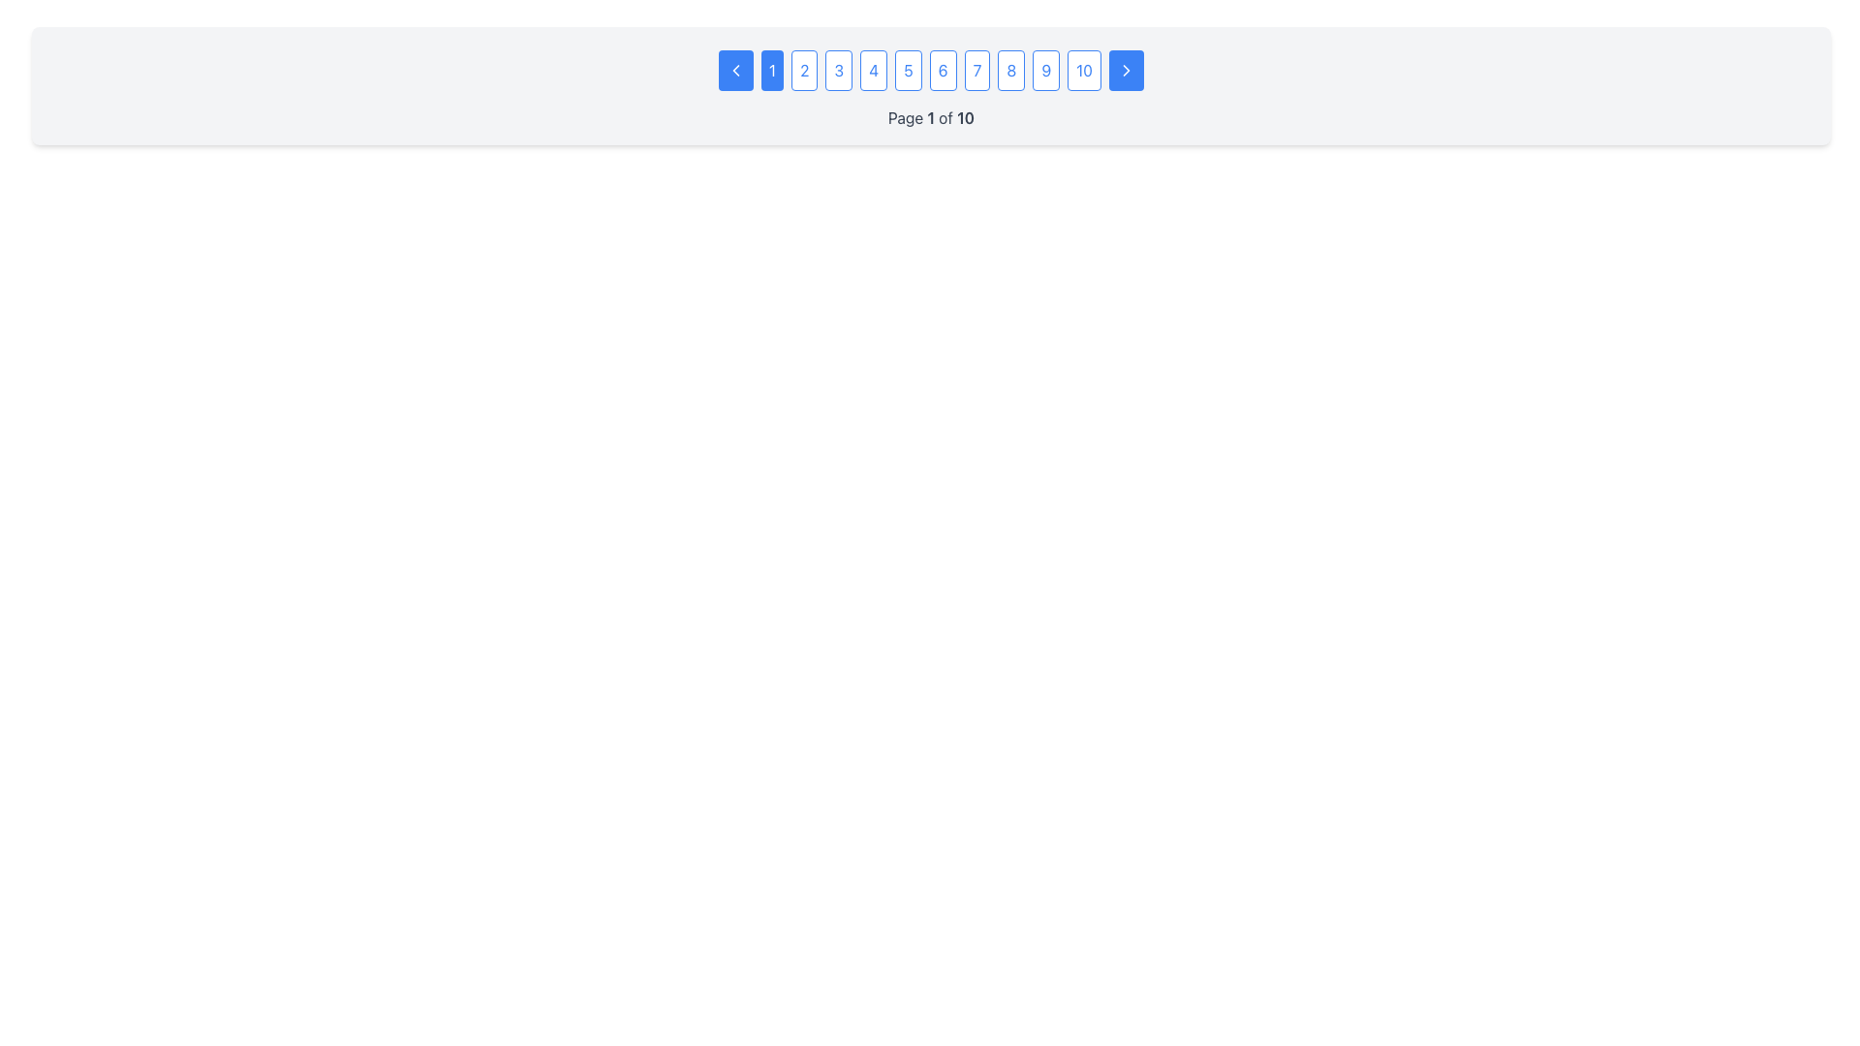  I want to click on the leftmost blue navigation button icon to go to the previous page in the paginated sequence, so click(734, 70).